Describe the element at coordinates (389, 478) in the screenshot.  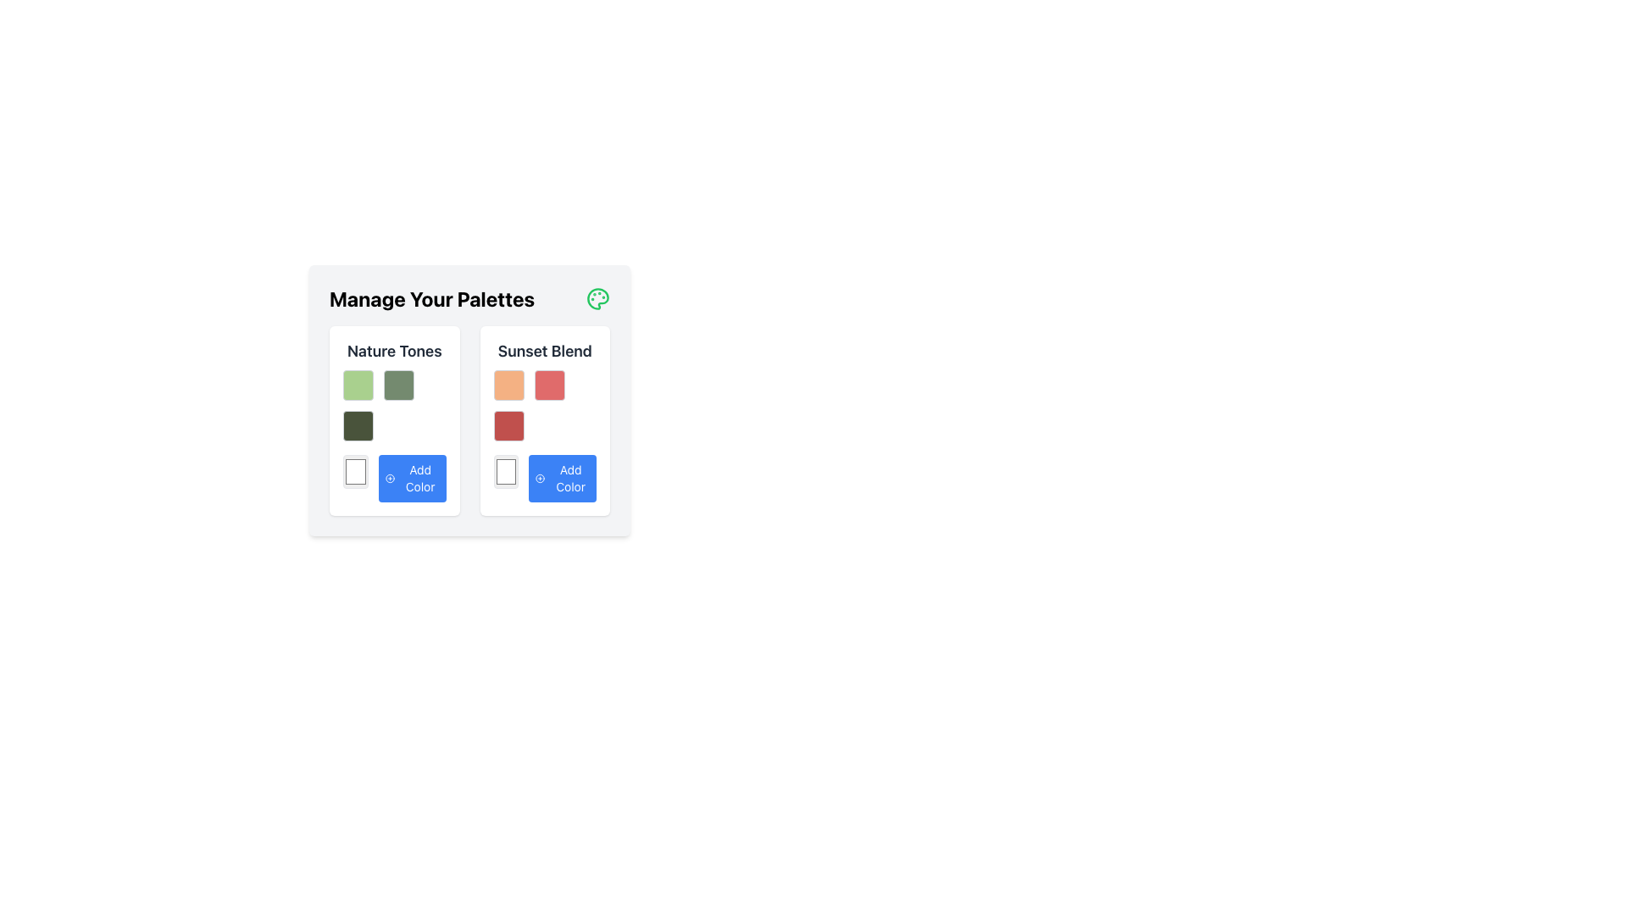
I see `the circular icon at the center of the 'Add Color' button within the 'Nature Tones' palette for visual feedback` at that location.